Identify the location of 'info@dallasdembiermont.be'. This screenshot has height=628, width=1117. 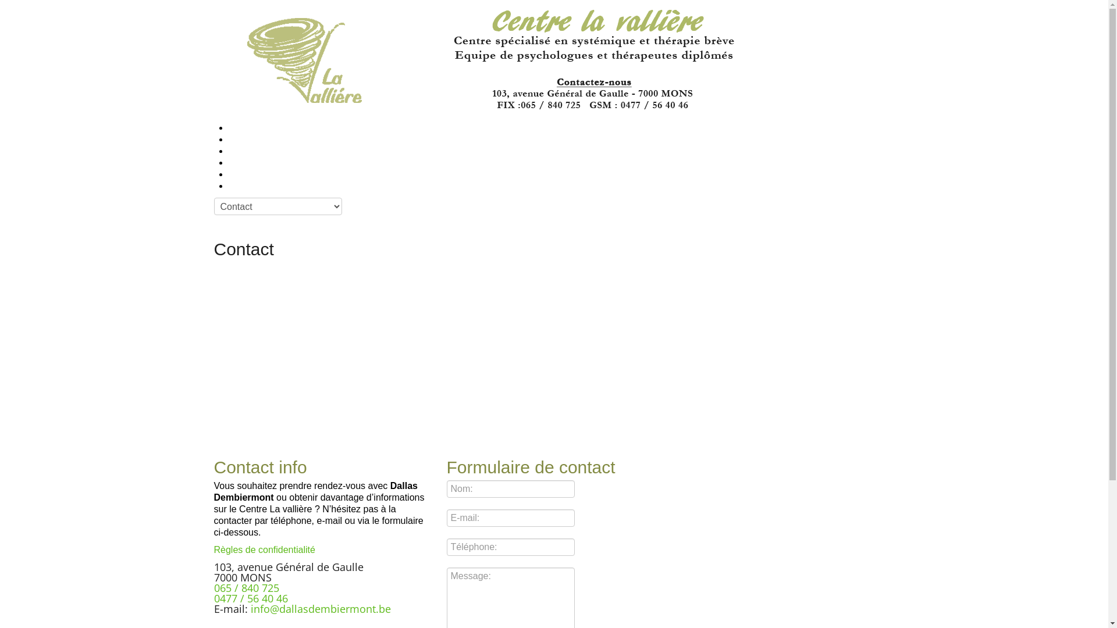
(320, 608).